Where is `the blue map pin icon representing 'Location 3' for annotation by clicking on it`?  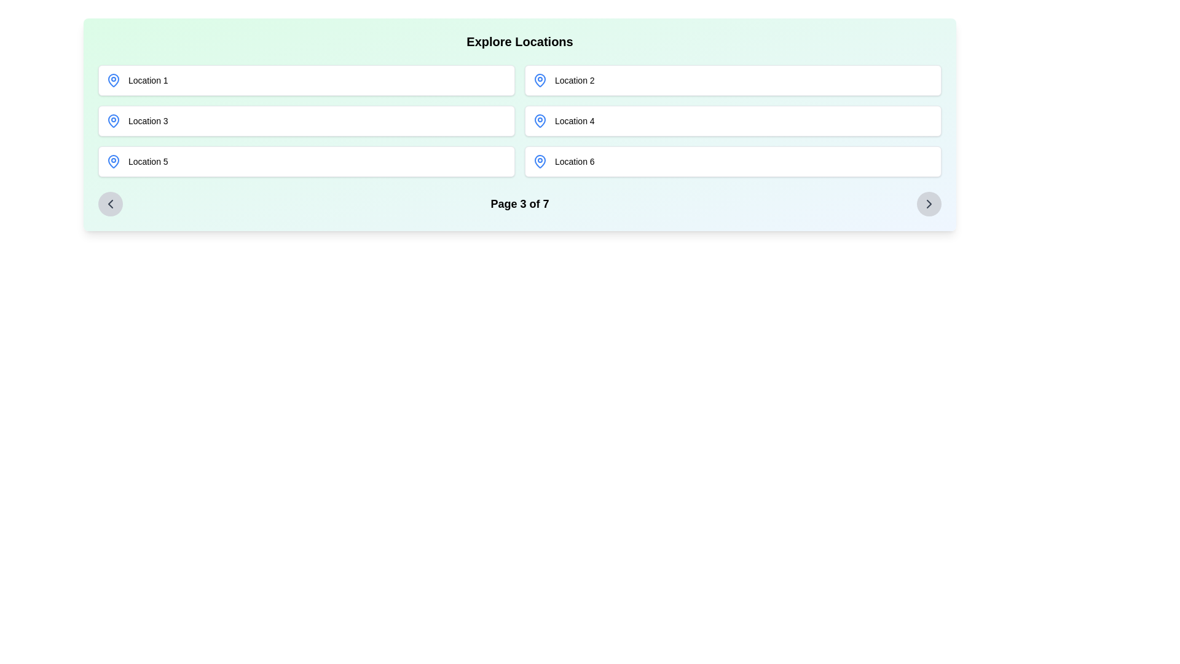
the blue map pin icon representing 'Location 3' for annotation by clicking on it is located at coordinates (114, 121).